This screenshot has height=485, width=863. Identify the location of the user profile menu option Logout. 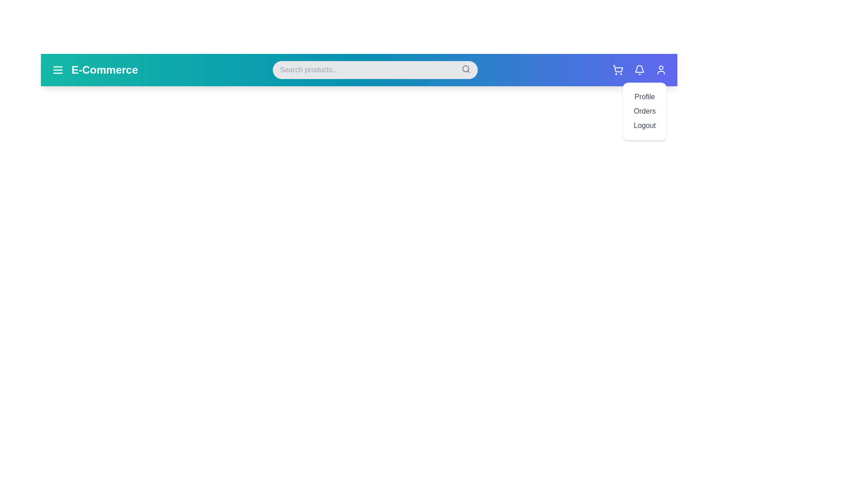
(644, 126).